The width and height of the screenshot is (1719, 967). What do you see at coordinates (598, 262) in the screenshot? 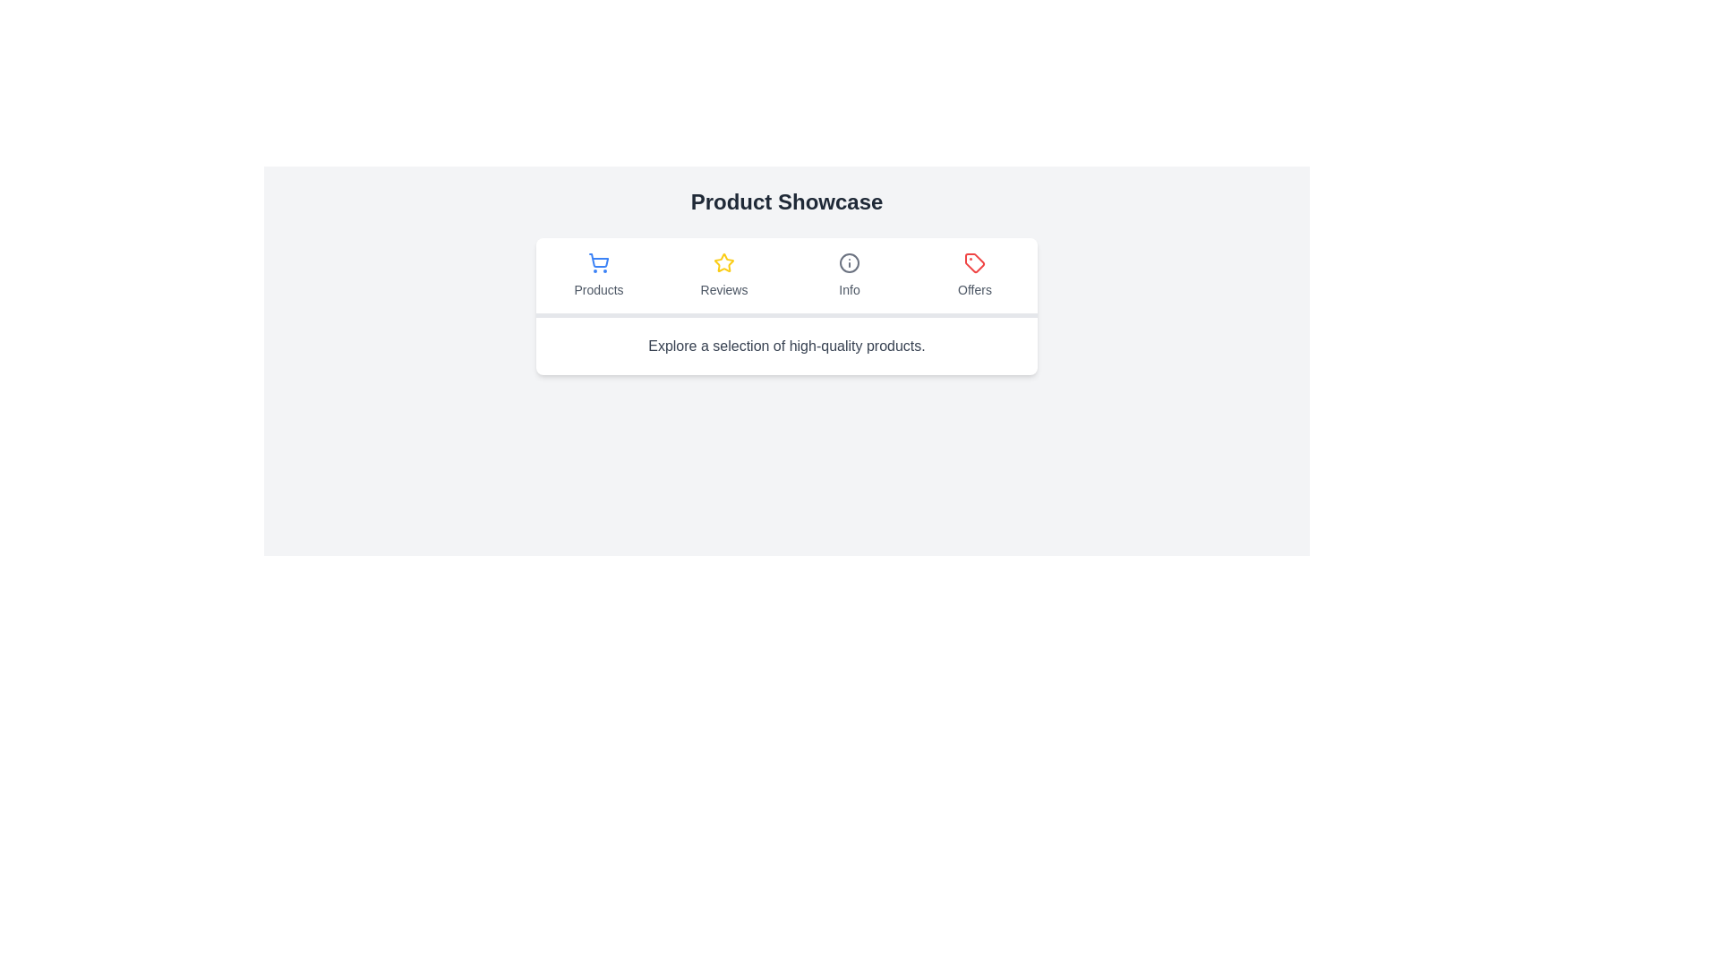
I see `the 'Products' tab icon, which represents the 'Products' category in the navigation interface` at bounding box center [598, 262].